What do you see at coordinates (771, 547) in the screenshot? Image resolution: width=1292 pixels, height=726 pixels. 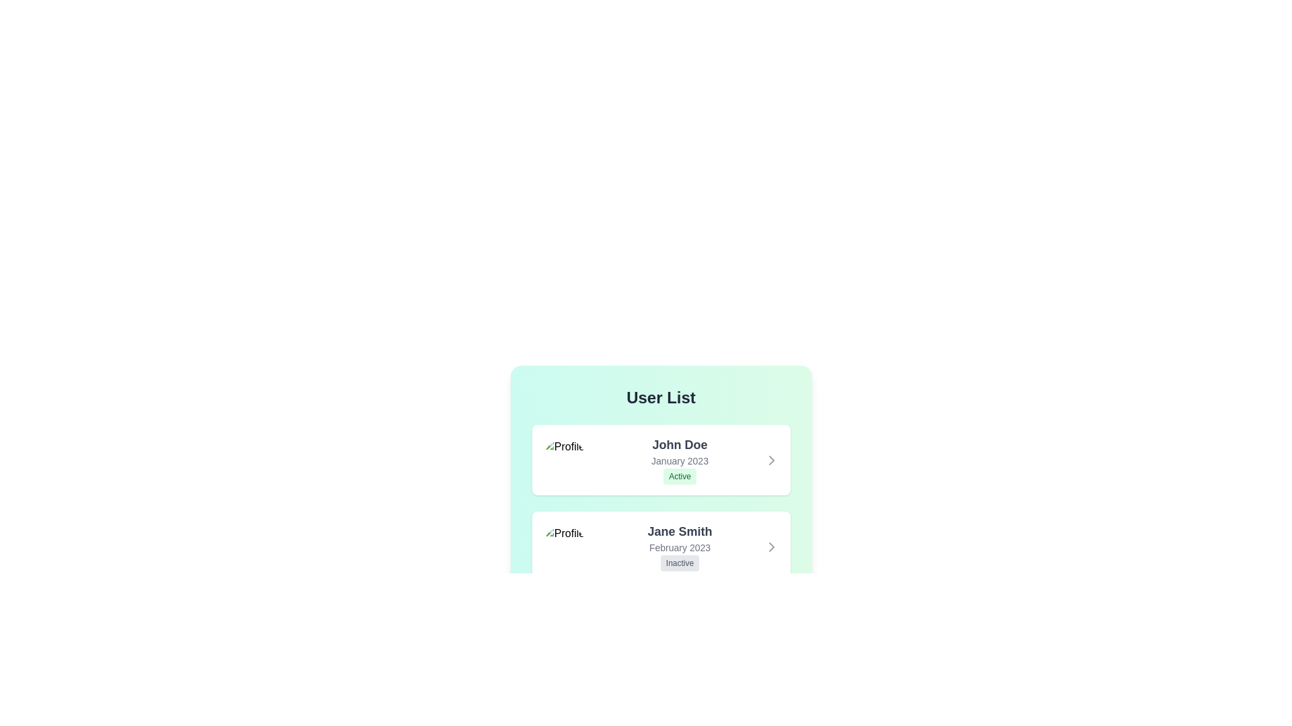 I see `the arrow icon next to Jane Smith to navigate further` at bounding box center [771, 547].